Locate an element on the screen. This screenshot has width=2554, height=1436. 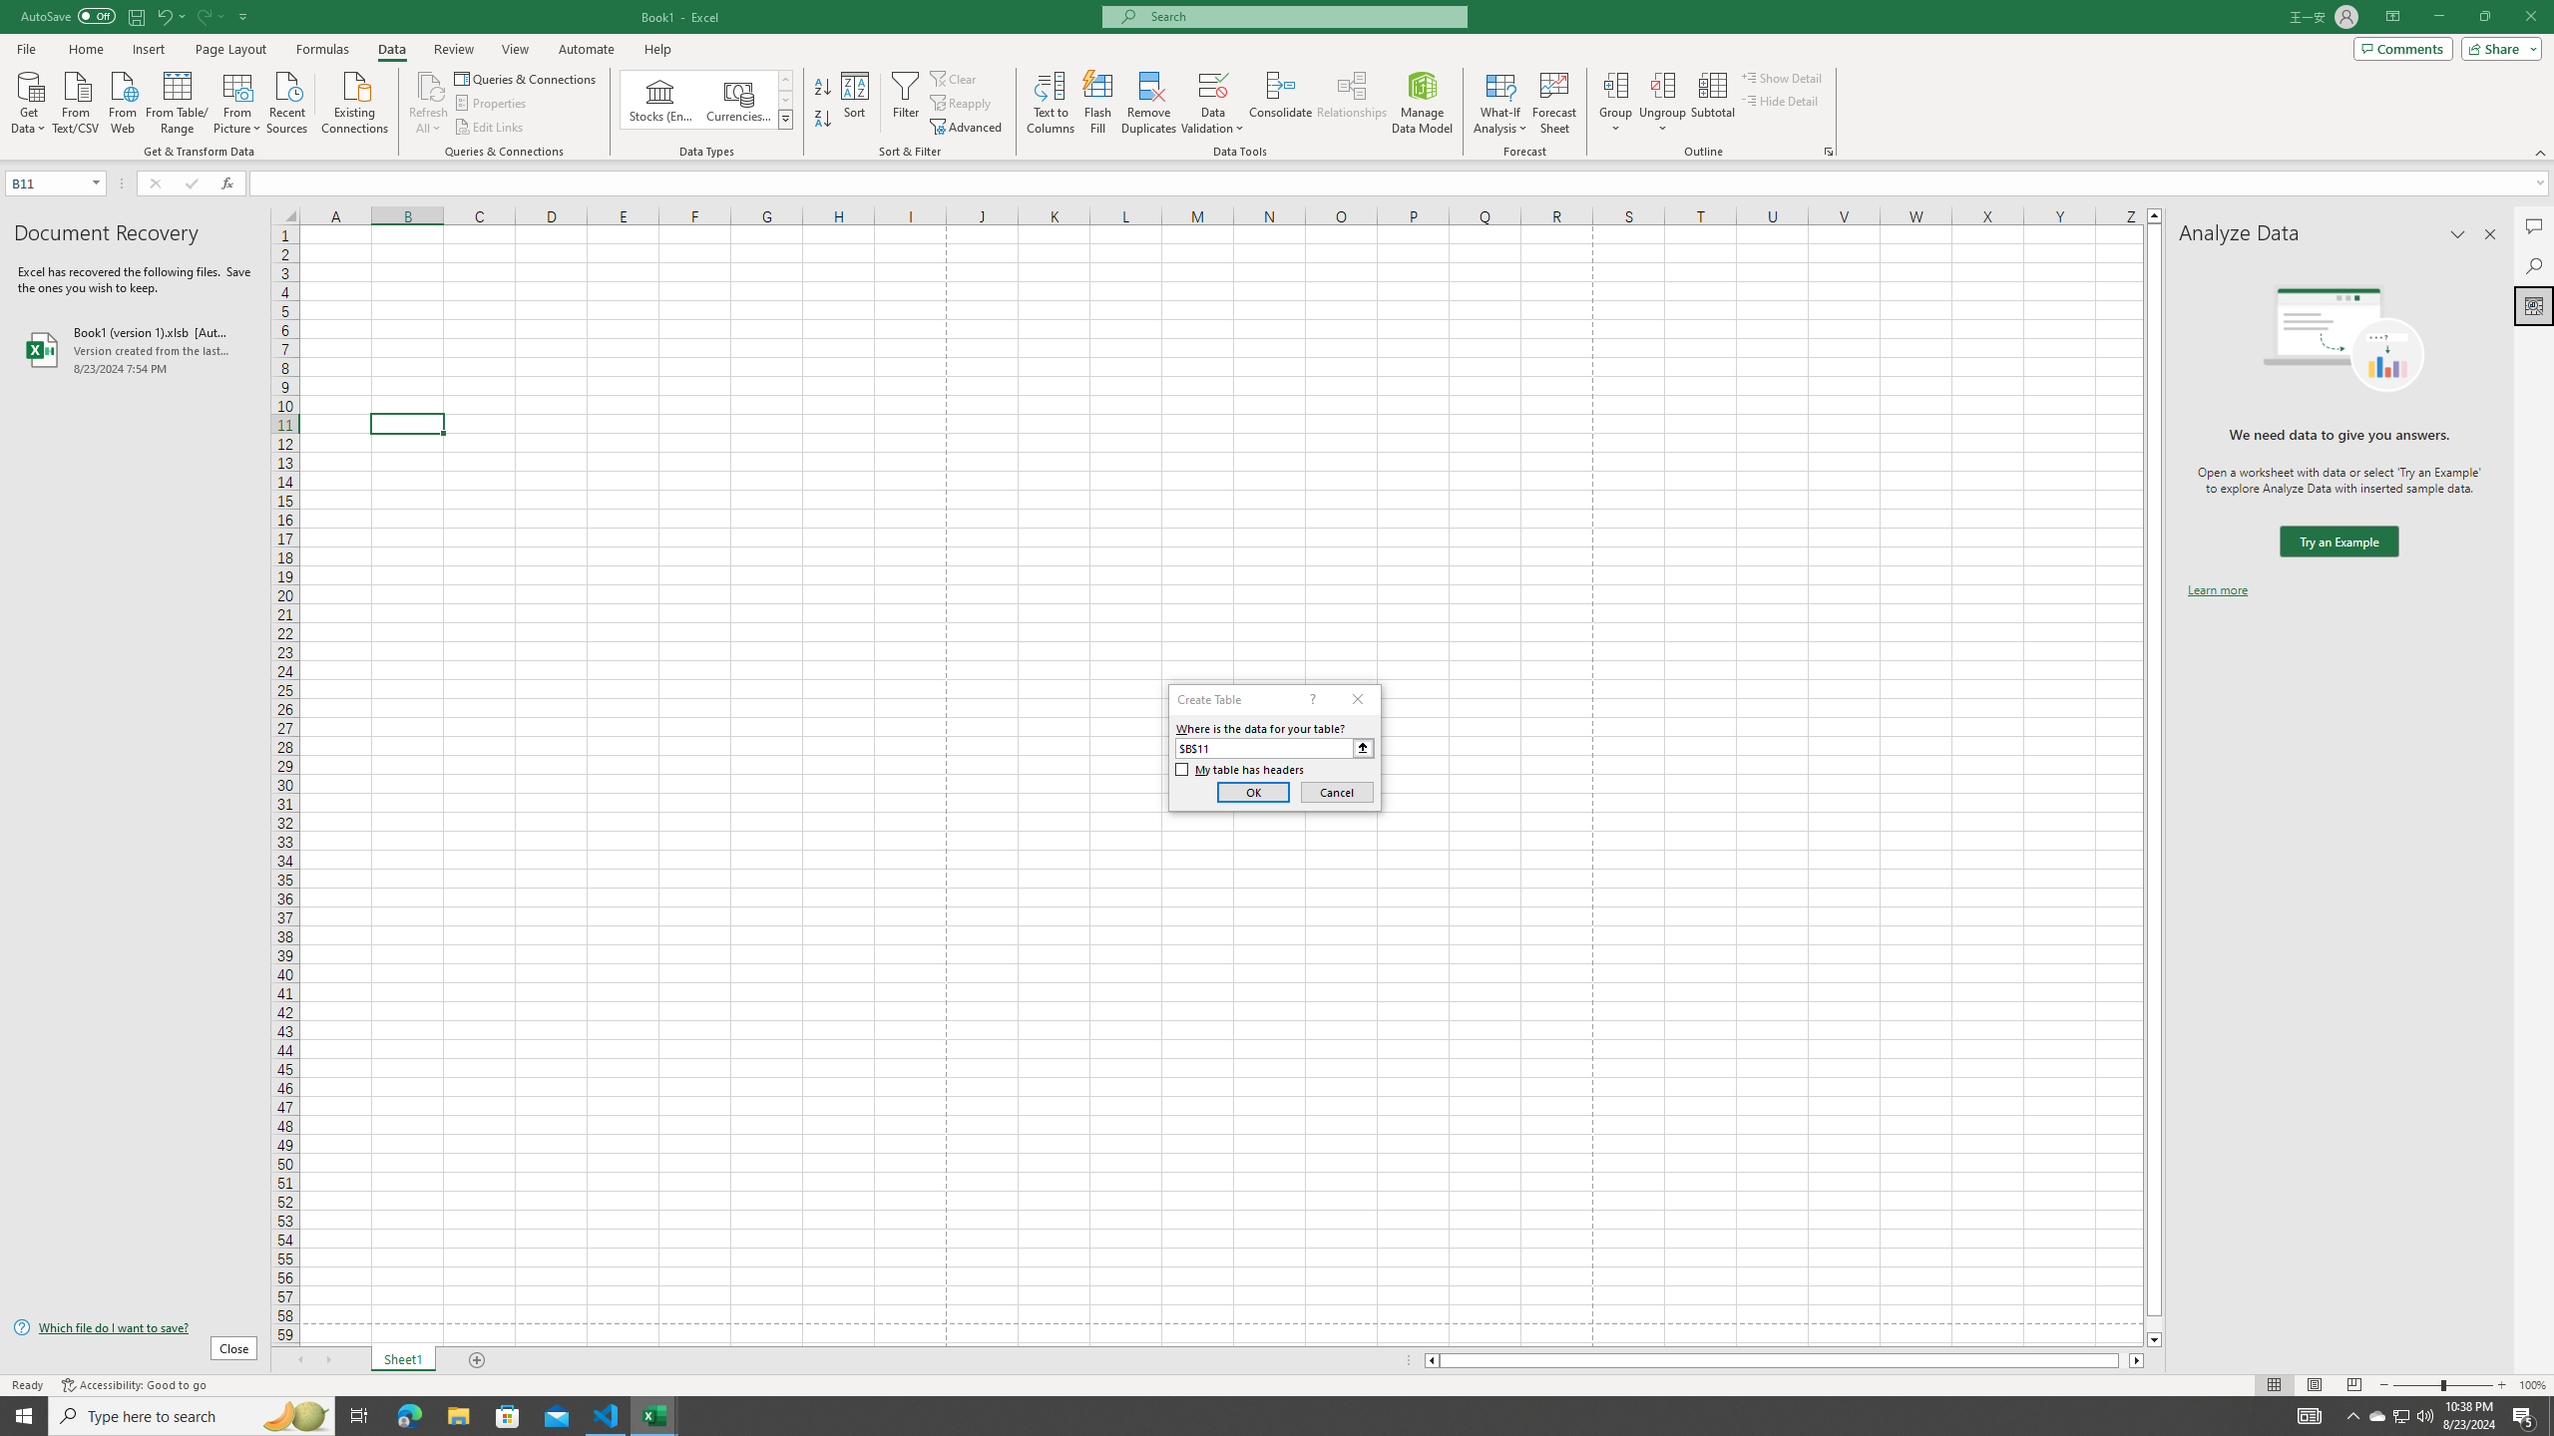
'Sort Z to A' is located at coordinates (822, 118).